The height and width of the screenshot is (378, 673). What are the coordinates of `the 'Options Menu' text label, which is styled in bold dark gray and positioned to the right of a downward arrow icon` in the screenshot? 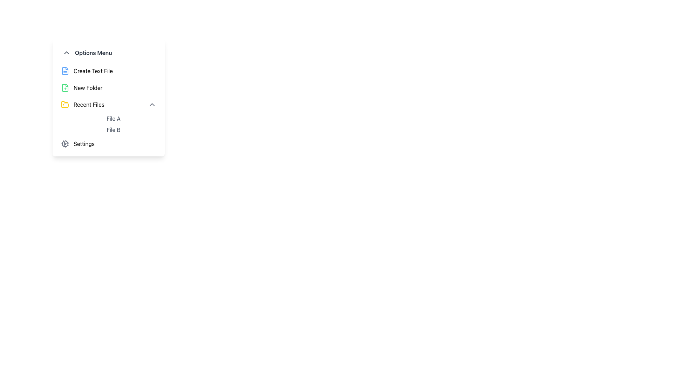 It's located at (93, 52).